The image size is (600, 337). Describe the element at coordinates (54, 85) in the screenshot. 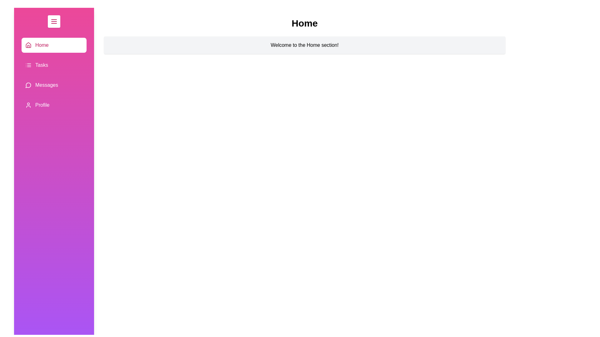

I see `the section Messages by clicking on its corresponding item in the list` at that location.